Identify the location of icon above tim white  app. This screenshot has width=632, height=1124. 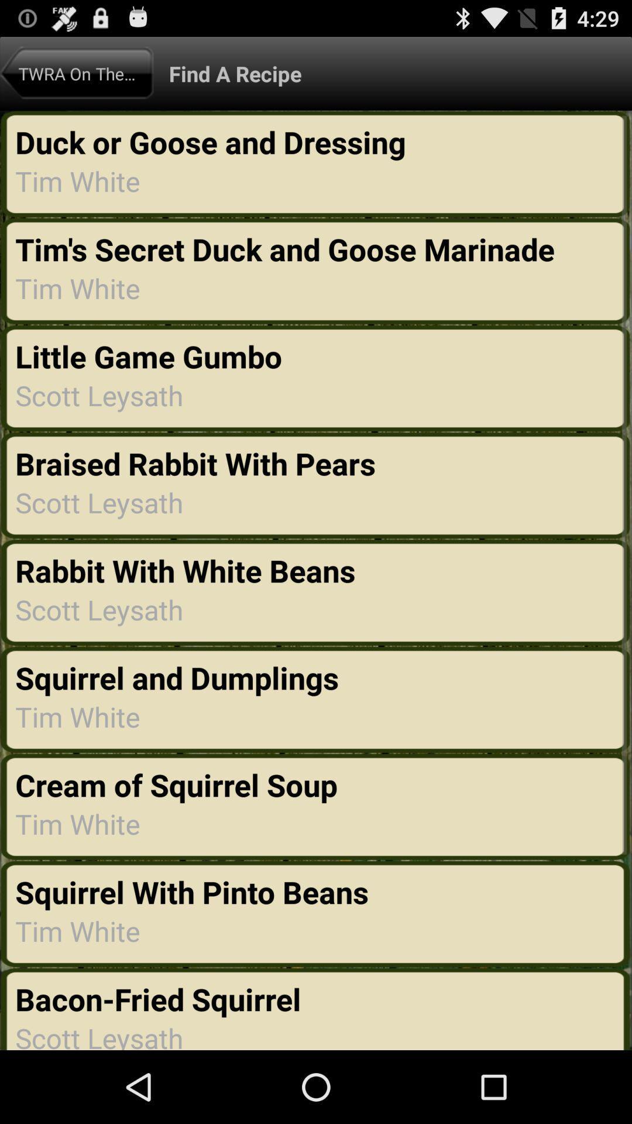
(288, 248).